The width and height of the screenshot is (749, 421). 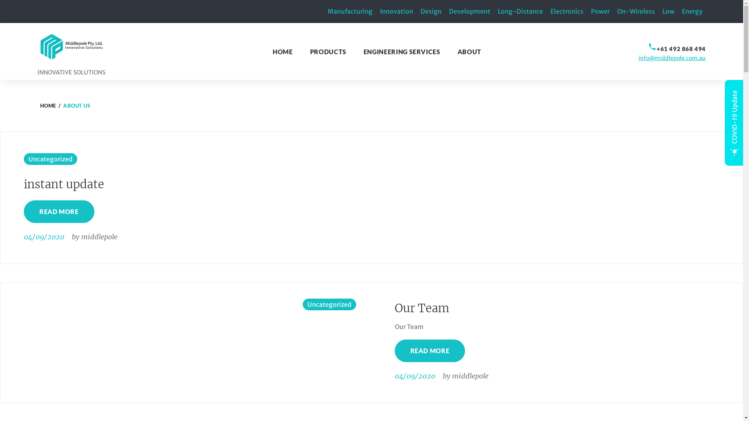 What do you see at coordinates (99, 236) in the screenshot?
I see `'middlepole'` at bounding box center [99, 236].